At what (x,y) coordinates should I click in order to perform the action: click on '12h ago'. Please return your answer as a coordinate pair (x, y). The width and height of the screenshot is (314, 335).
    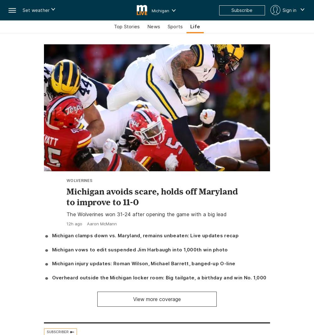
    Looking at the image, I should click on (74, 223).